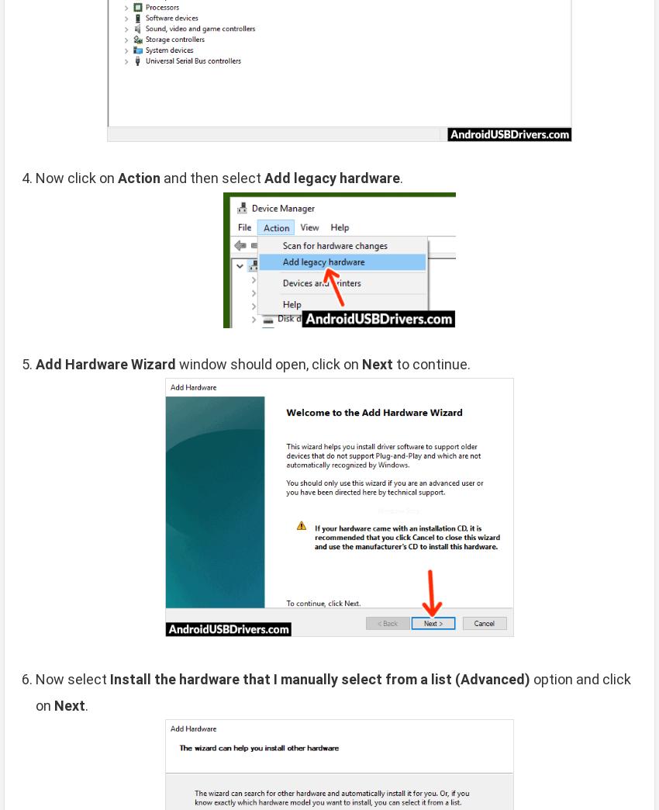 The width and height of the screenshot is (659, 810). Describe the element at coordinates (320, 678) in the screenshot. I see `'Install the hardware that I manually select from a list (Advanced)'` at that location.